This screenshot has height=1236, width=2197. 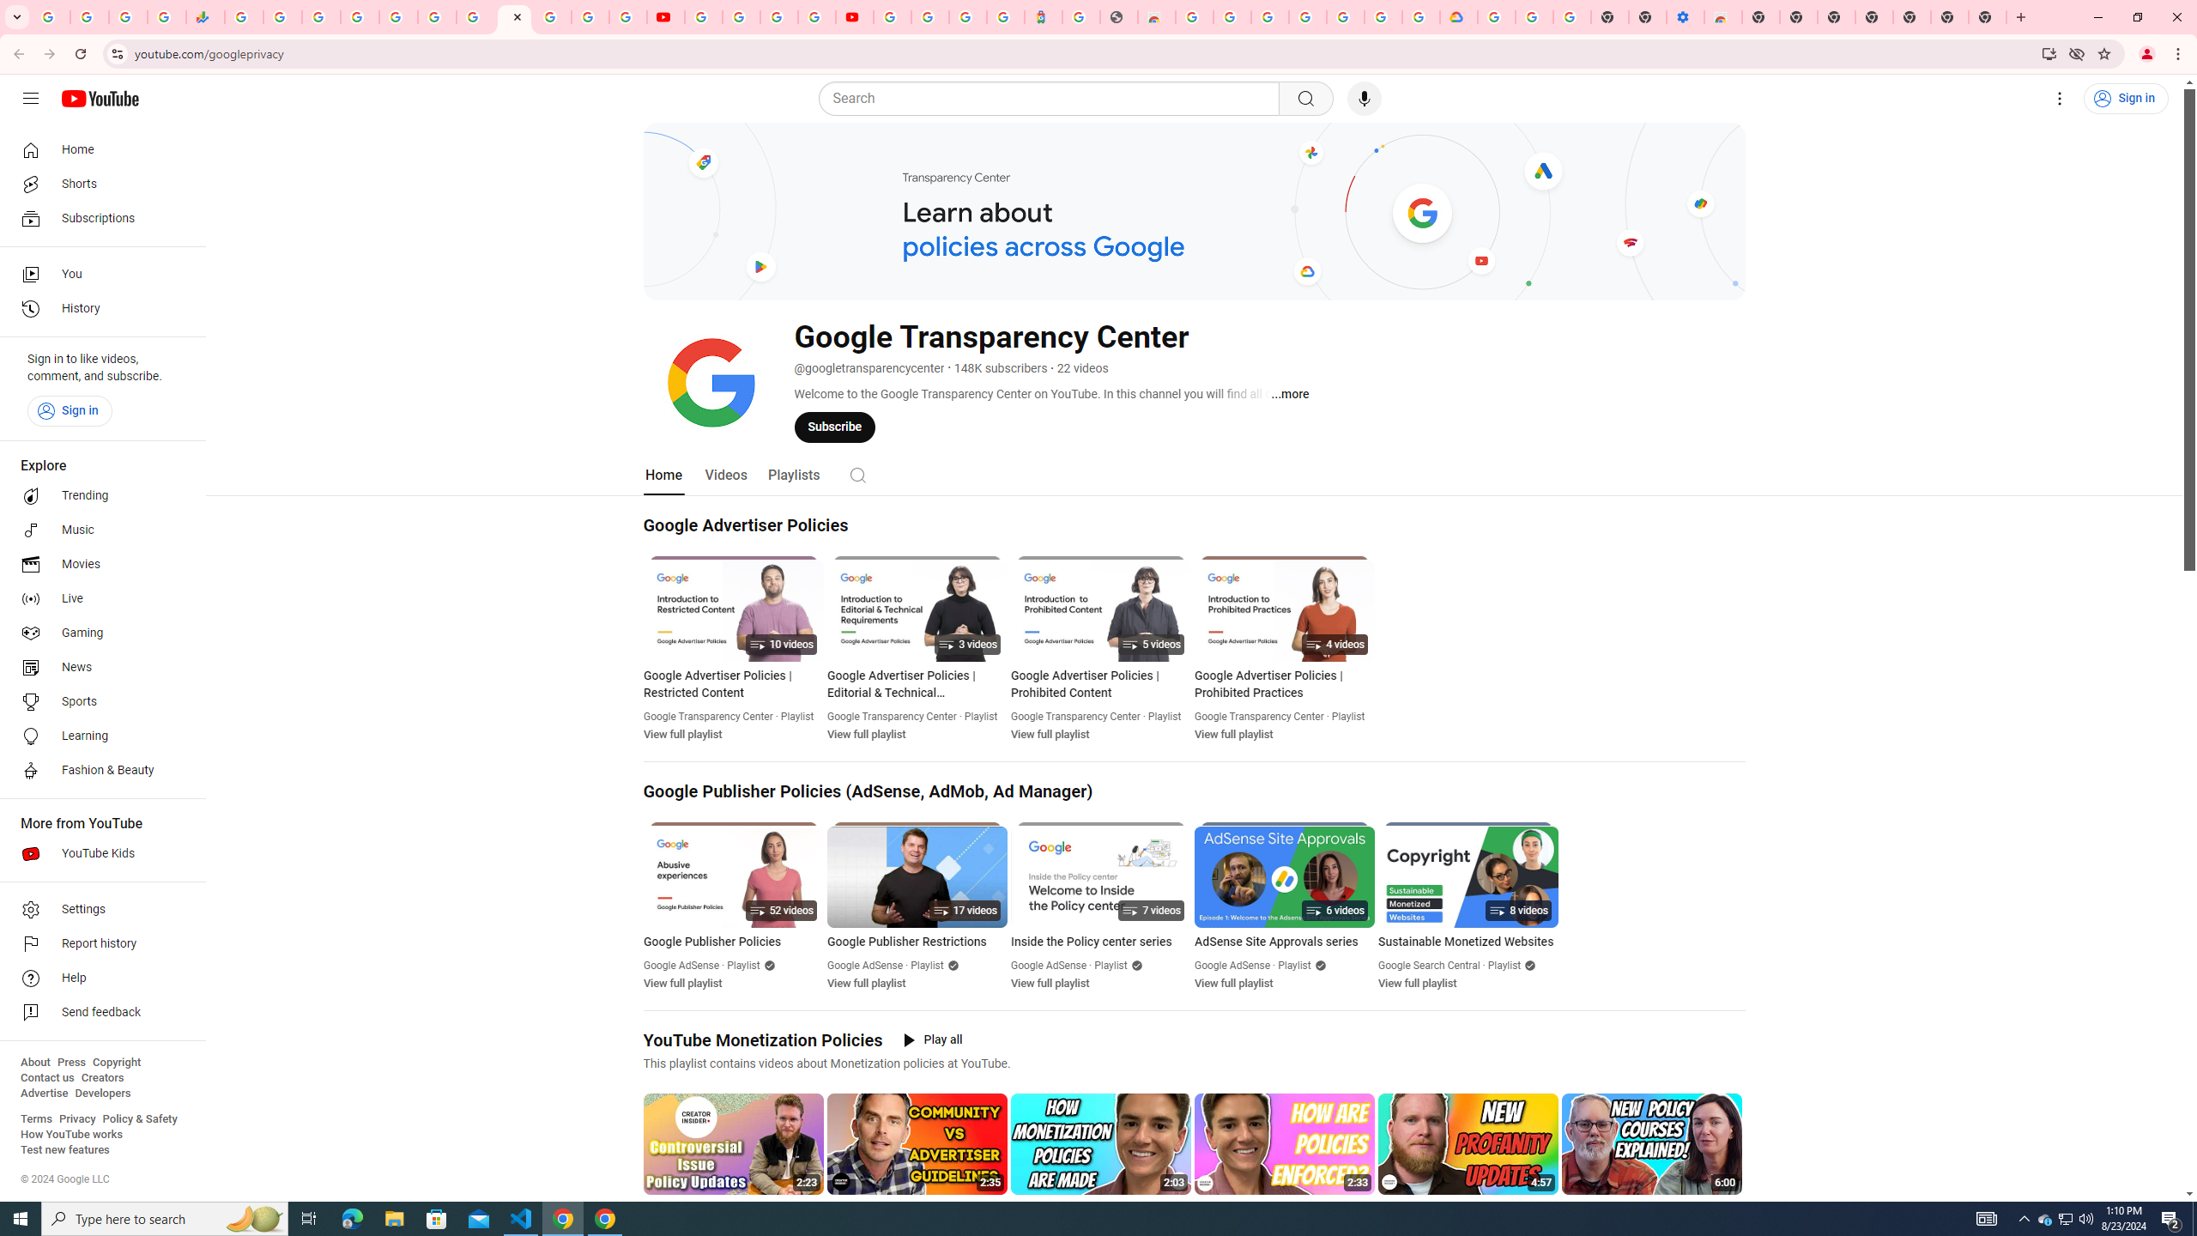 I want to click on 'Play all', so click(x=934, y=1039).